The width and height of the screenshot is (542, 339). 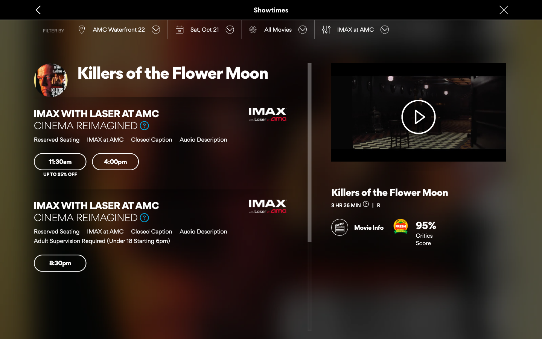 I want to click on Insert a new date into the calendar, so click(x=204, y=29).